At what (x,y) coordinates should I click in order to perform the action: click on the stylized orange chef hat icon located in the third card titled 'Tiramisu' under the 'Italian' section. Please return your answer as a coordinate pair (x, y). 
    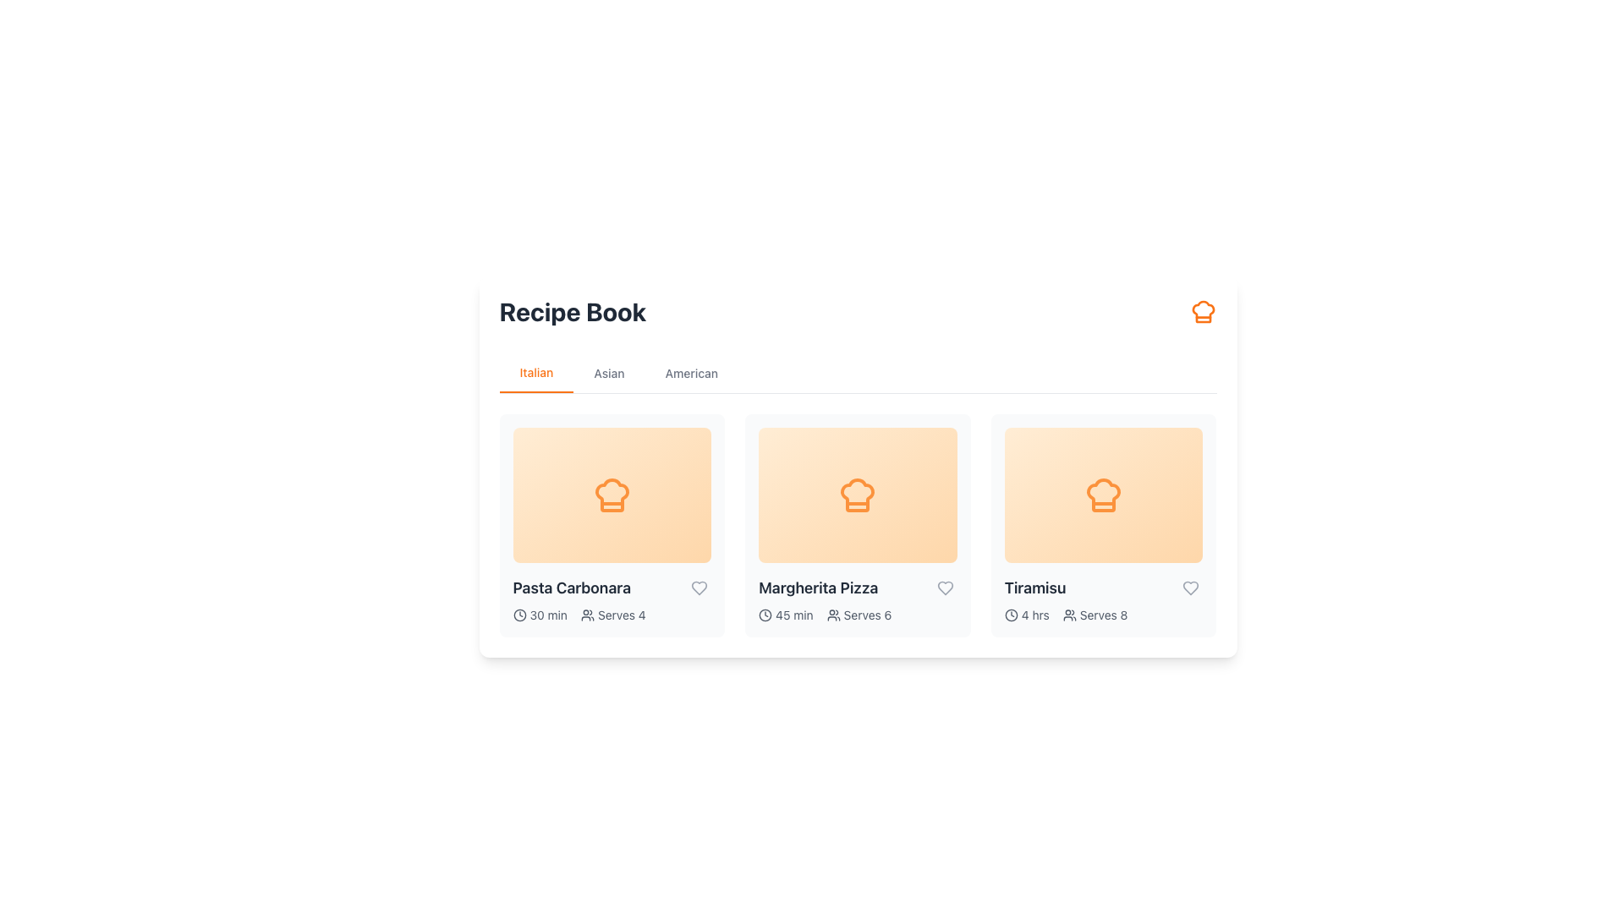
    Looking at the image, I should click on (1104, 495).